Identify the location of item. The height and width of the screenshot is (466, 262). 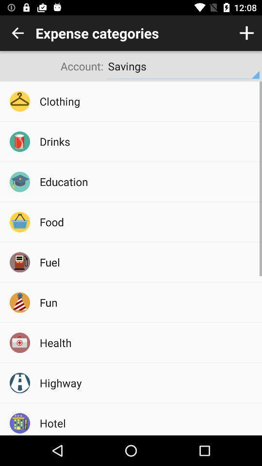
(246, 33).